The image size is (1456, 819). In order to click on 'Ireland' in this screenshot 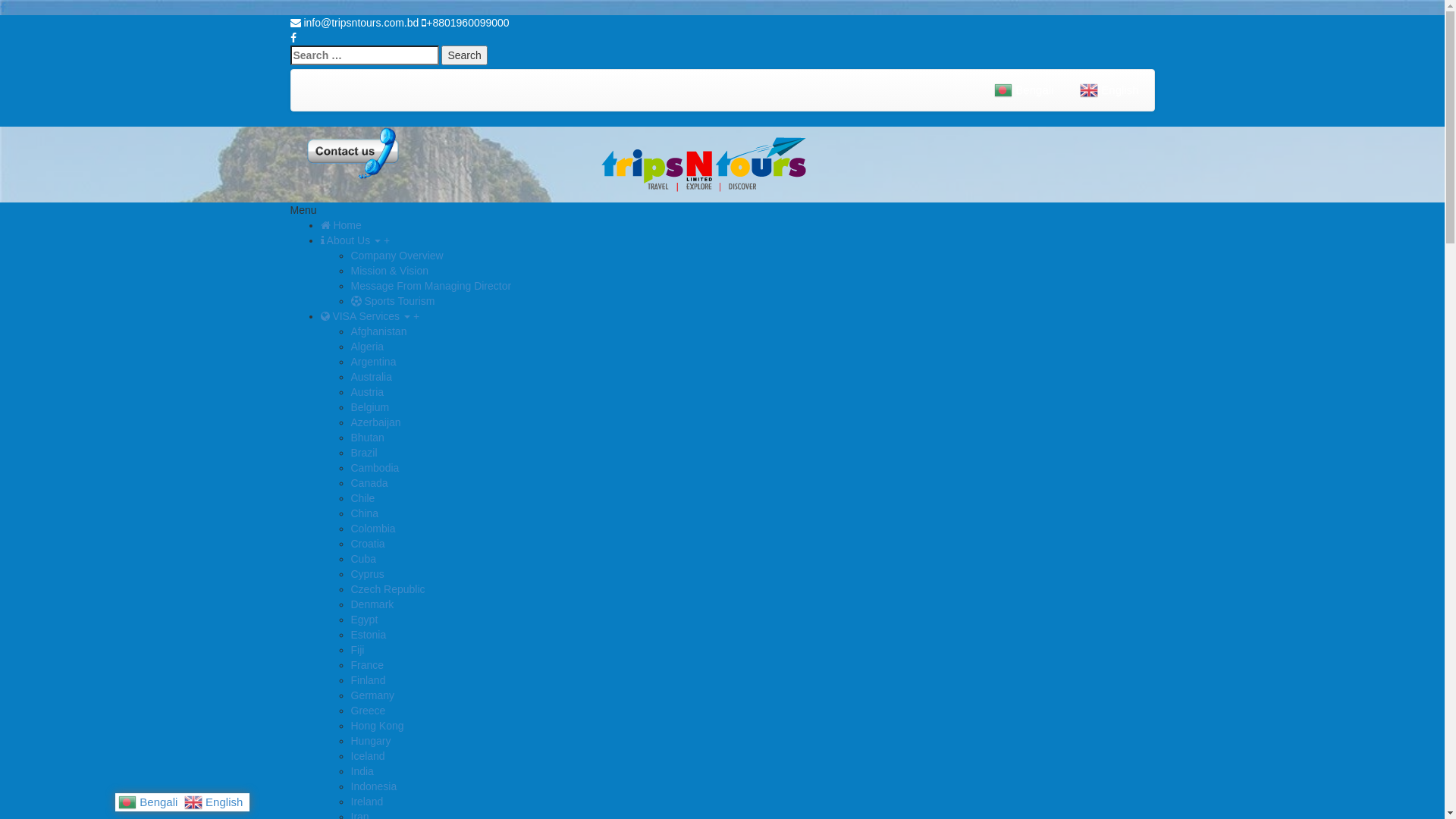, I will do `click(349, 800)`.